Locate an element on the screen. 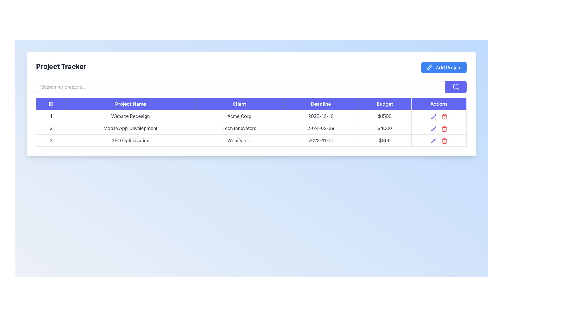 This screenshot has width=569, height=320. the indigo edit icon button in the 'Actions' column of the first row of the table is located at coordinates (434, 116).